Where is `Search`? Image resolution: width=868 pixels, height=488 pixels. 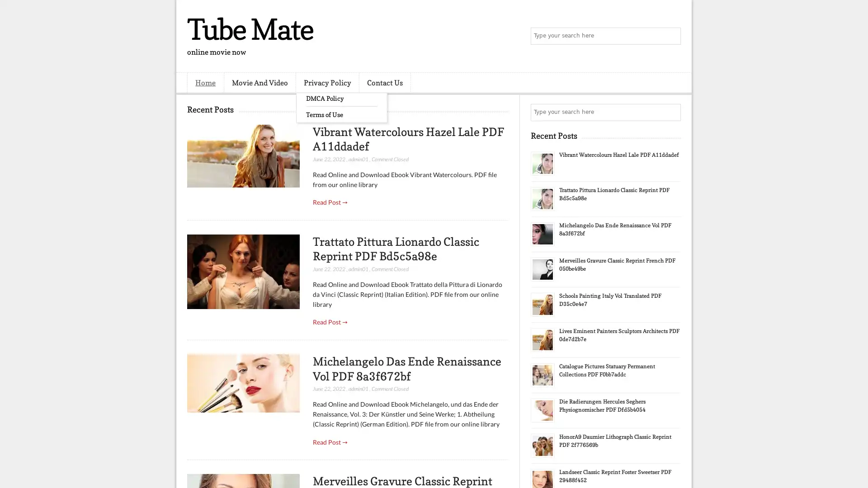
Search is located at coordinates (671, 36).